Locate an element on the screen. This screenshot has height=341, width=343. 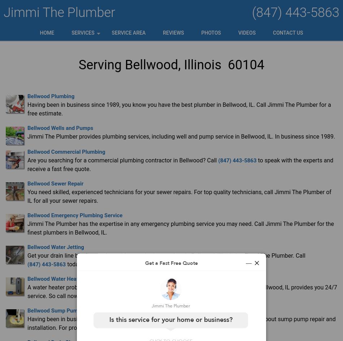
'Bellwood Water Jetting' is located at coordinates (55, 246).